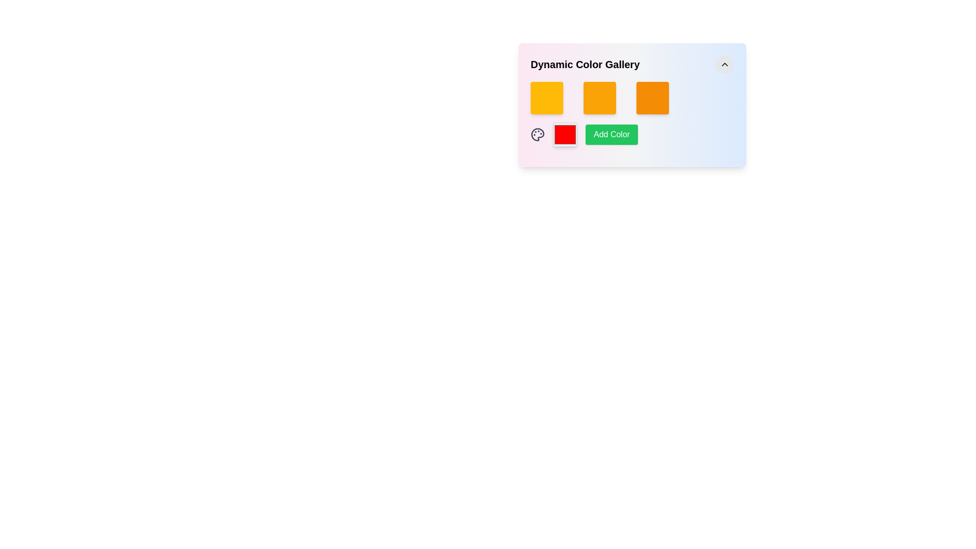 The image size is (976, 549). Describe the element at coordinates (724, 65) in the screenshot. I see `the upward-pointing chevron arrow icon within the circular button on the top-right corner of the 'Dynamic Color Gallery' card to observe potential visual feedback` at that location.